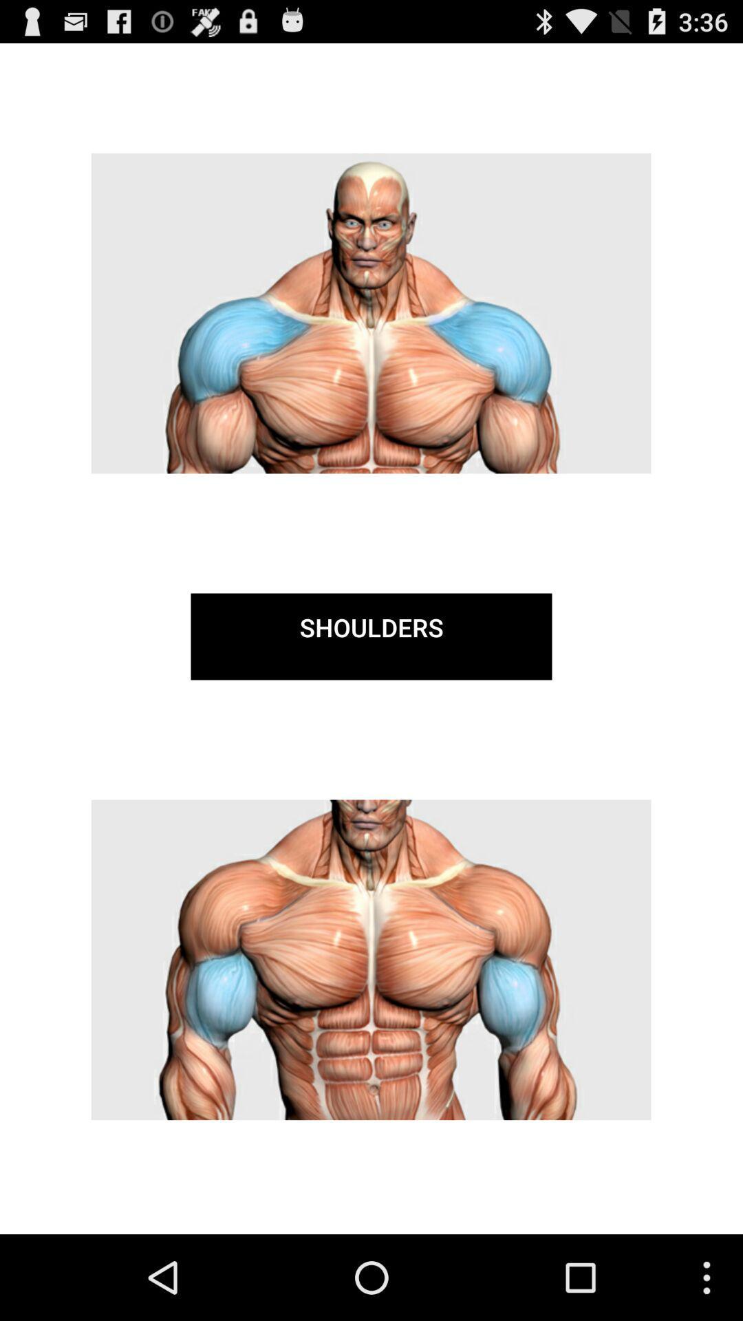 The height and width of the screenshot is (1321, 743). What do you see at coordinates (371, 636) in the screenshot?
I see `shoulders item` at bounding box center [371, 636].